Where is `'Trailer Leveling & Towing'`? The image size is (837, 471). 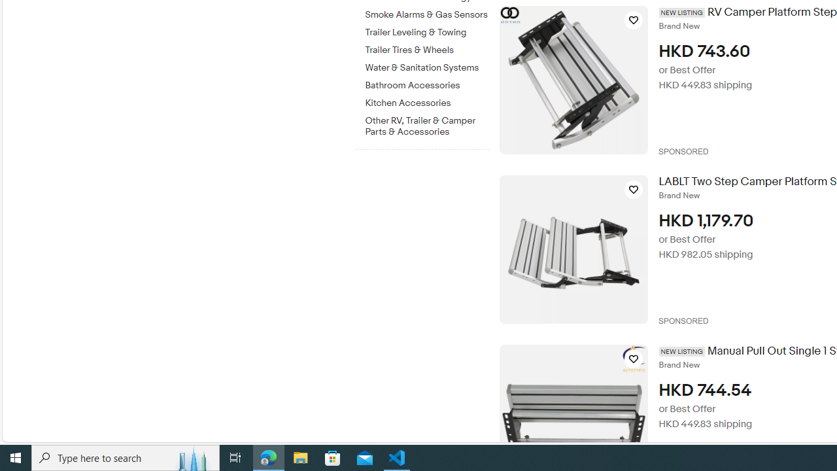 'Trailer Leveling & Towing' is located at coordinates (427, 32).